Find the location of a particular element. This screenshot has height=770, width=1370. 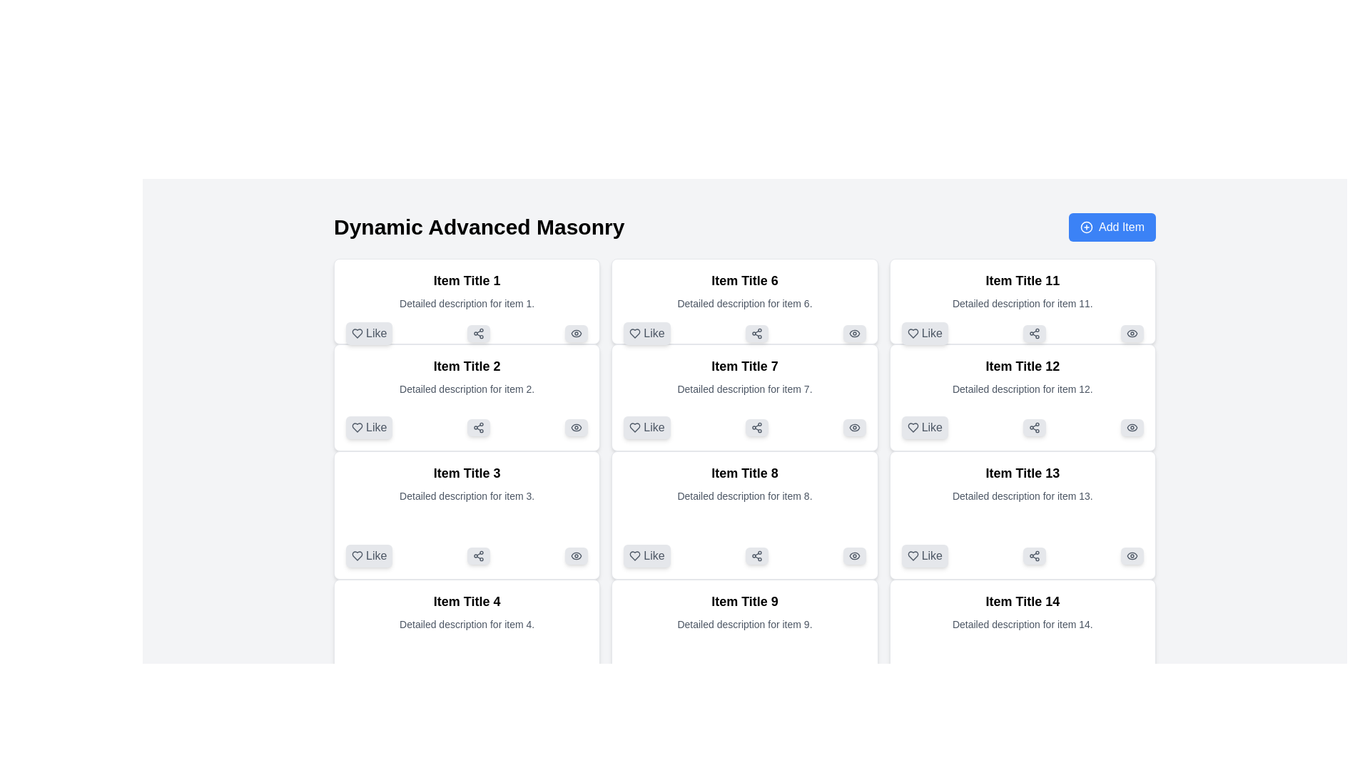

the text element displaying 'Item Title 1', which is styled in bold and larger font, located in the first column of a grid structure at the top of its item card is located at coordinates (467, 280).